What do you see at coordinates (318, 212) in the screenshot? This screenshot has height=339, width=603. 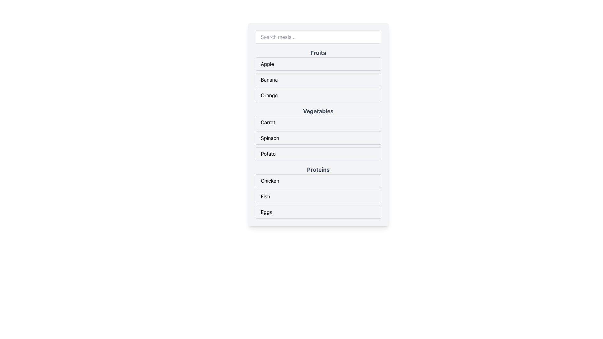 I see `the 'Eggs' list item, which is the last selectable option in the 'Proteins' category, located below the 'Fish' item` at bounding box center [318, 212].